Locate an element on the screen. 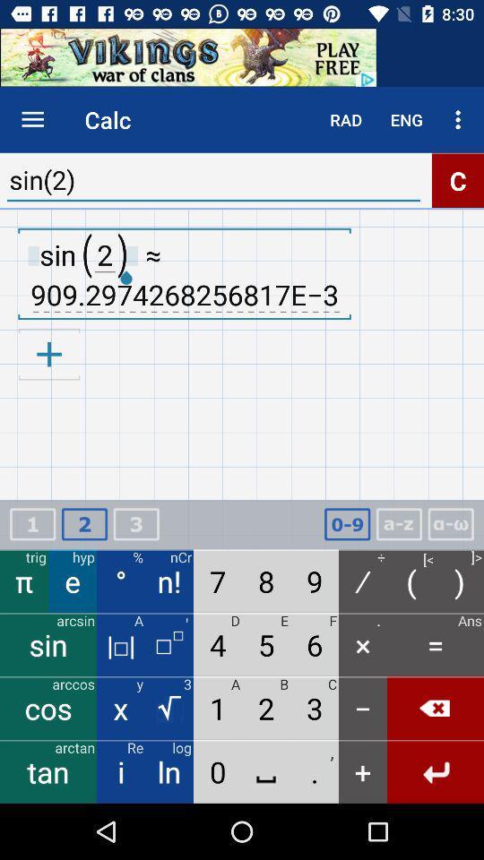 The height and width of the screenshot is (860, 484). page 2 is located at coordinates (83, 524).